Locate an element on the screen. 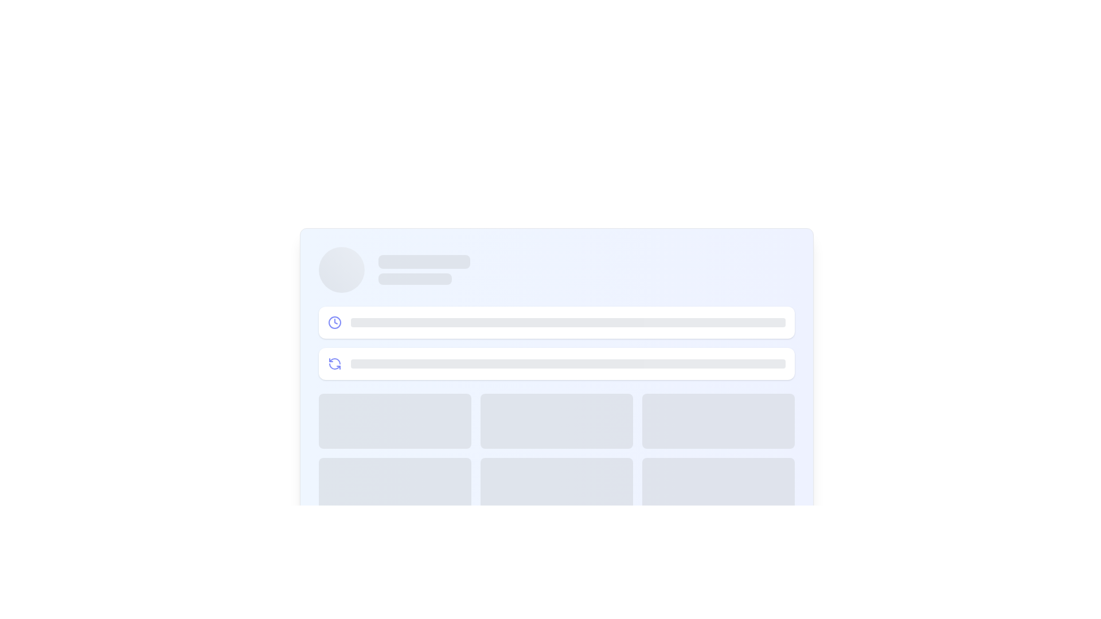 This screenshot has height=619, width=1101. the gray rectangular block with rounded corners located in the first row and third column of the grid structure is located at coordinates (717, 421).